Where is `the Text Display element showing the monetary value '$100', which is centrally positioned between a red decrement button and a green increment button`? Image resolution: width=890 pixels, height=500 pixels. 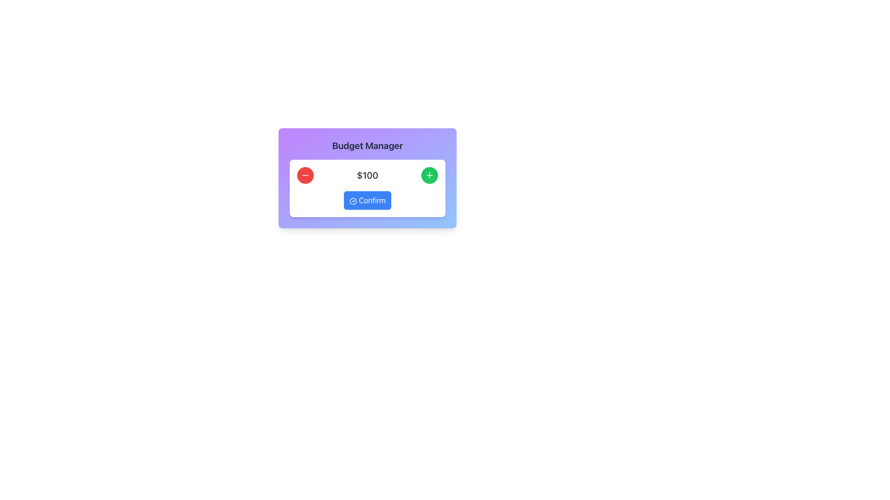 the Text Display element showing the monetary value '$100', which is centrally positioned between a red decrement button and a green increment button is located at coordinates (367, 175).